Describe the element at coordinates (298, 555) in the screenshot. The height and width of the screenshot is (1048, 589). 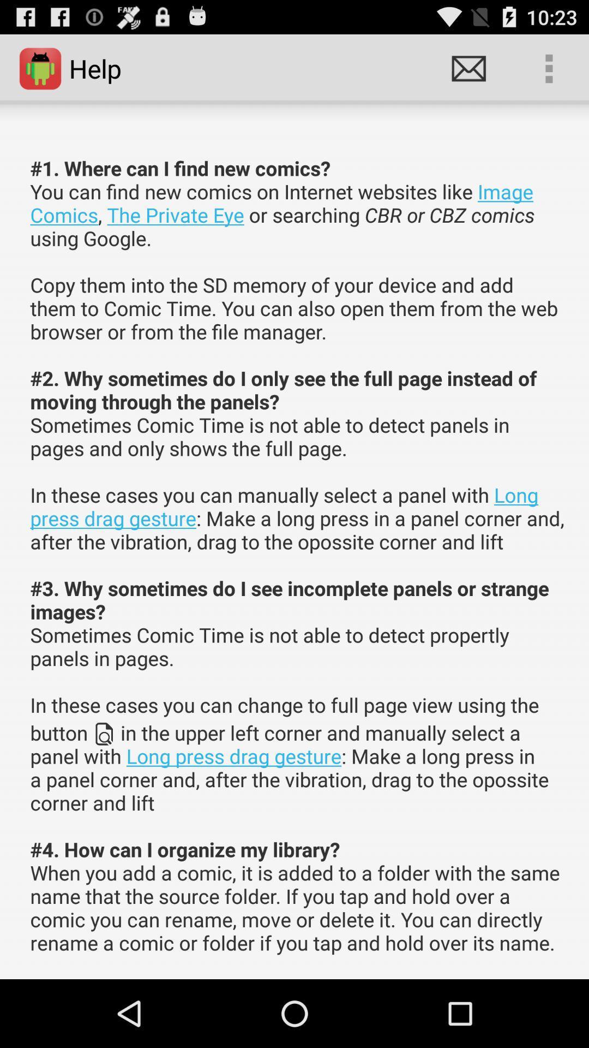
I see `item at the center` at that location.